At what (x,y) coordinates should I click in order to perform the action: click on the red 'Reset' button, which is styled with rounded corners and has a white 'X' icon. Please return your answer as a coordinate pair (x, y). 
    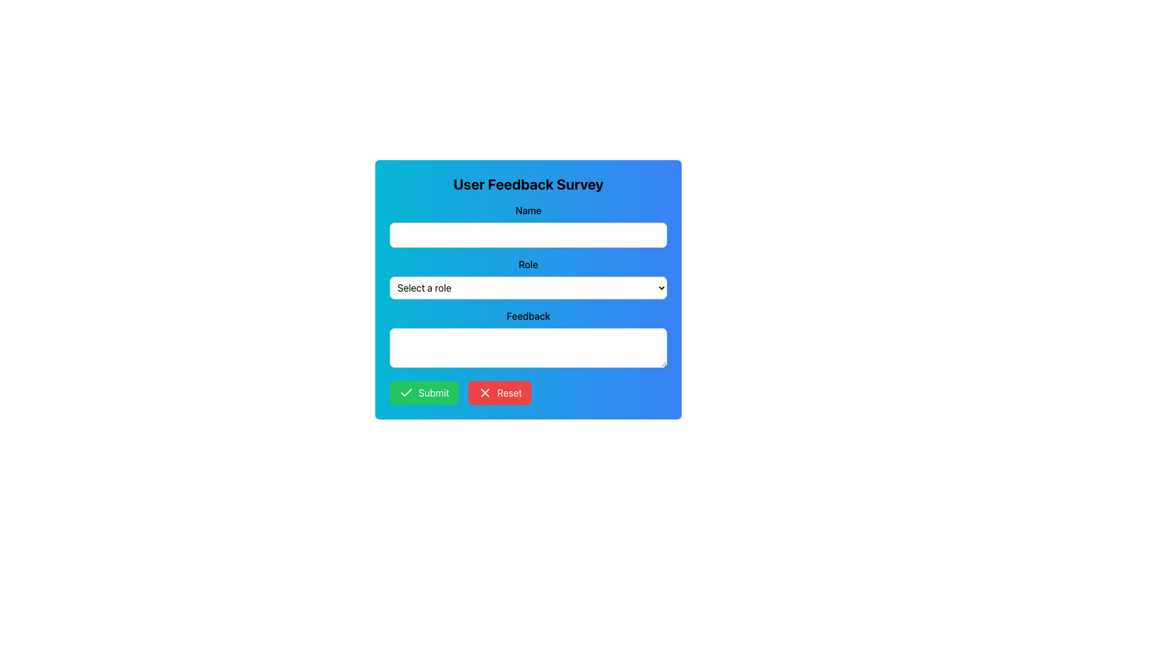
    Looking at the image, I should click on (500, 393).